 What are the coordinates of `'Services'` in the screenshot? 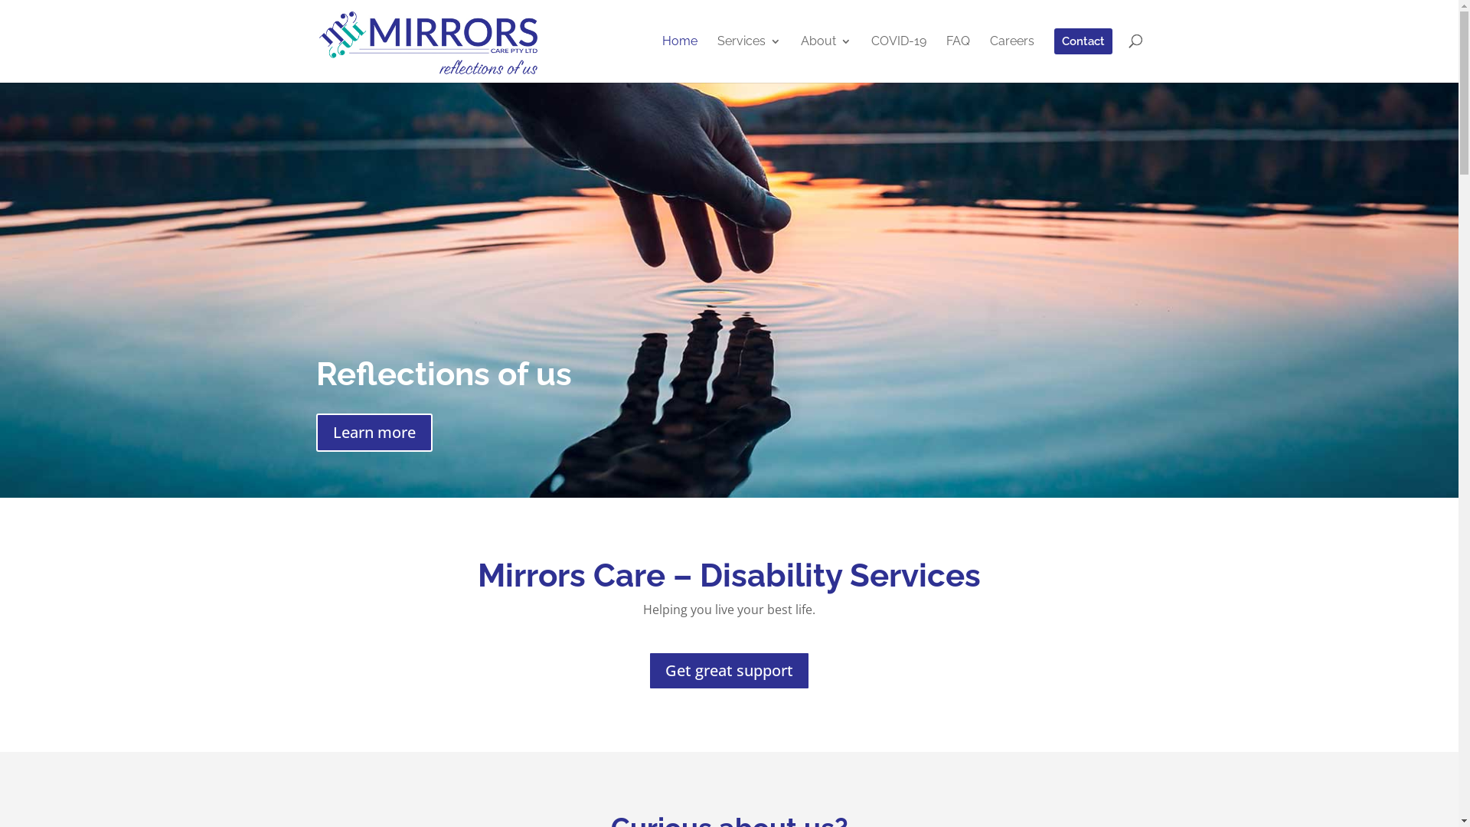 It's located at (716, 57).